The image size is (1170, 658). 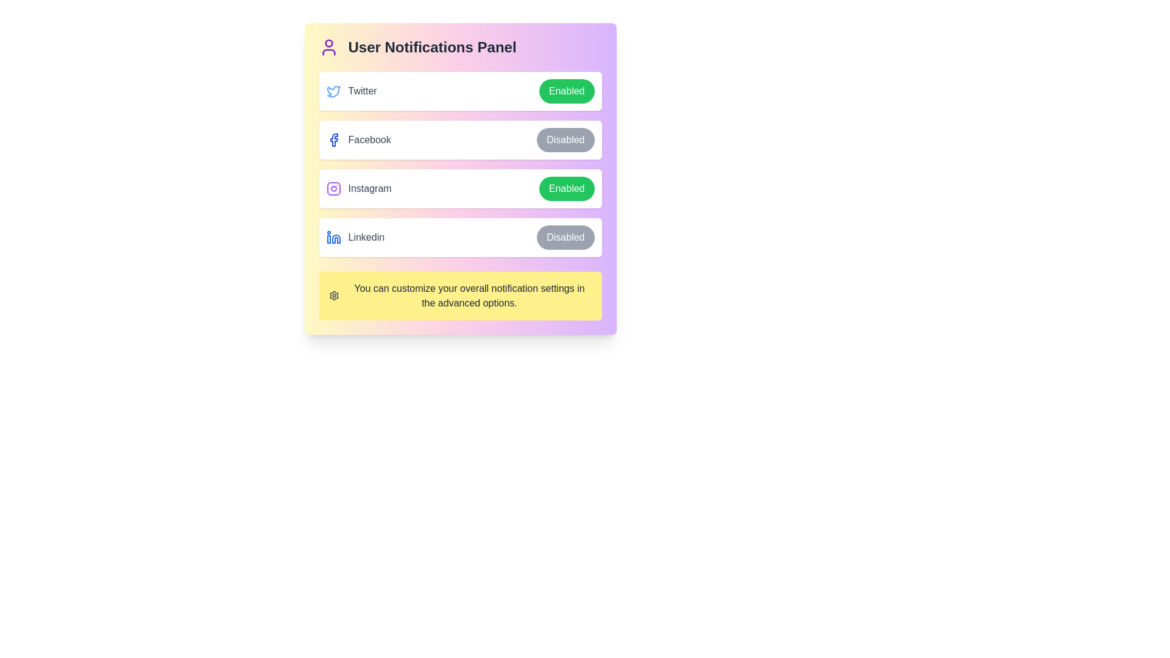 What do you see at coordinates (358, 188) in the screenshot?
I see `the Instagram label located in the third row of the 'User Notifications Panel', between Facebook and LinkedIn entries` at bounding box center [358, 188].